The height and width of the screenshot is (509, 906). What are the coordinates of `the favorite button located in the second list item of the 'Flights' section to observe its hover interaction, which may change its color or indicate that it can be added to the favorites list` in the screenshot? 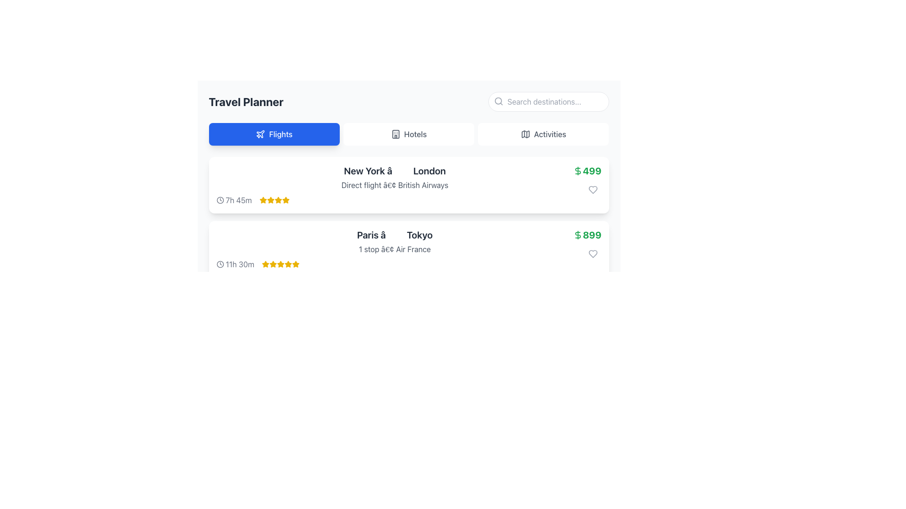 It's located at (592, 254).